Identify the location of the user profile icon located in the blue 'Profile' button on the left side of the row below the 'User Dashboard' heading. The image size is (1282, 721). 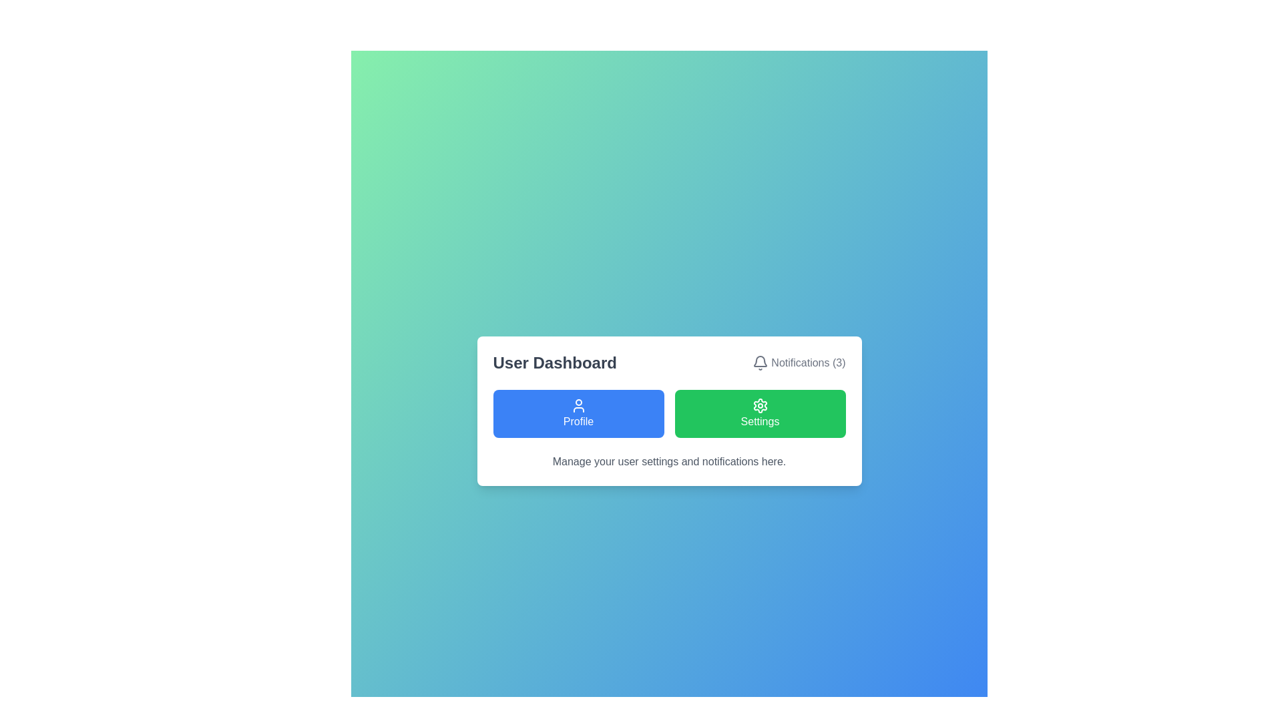
(578, 405).